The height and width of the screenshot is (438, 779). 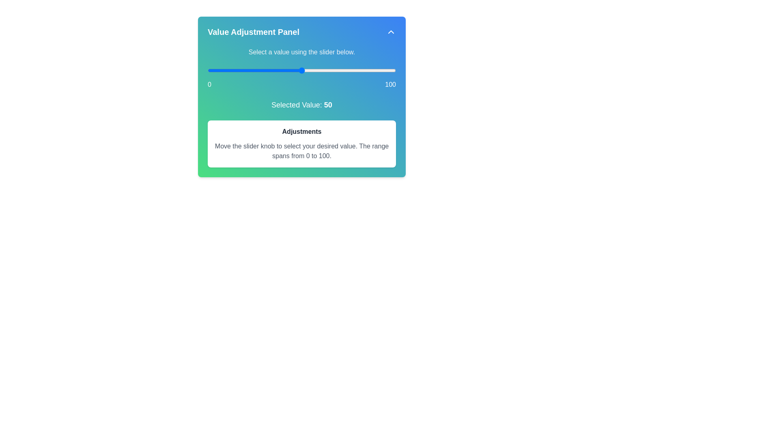 I want to click on the slider value, so click(x=388, y=70).